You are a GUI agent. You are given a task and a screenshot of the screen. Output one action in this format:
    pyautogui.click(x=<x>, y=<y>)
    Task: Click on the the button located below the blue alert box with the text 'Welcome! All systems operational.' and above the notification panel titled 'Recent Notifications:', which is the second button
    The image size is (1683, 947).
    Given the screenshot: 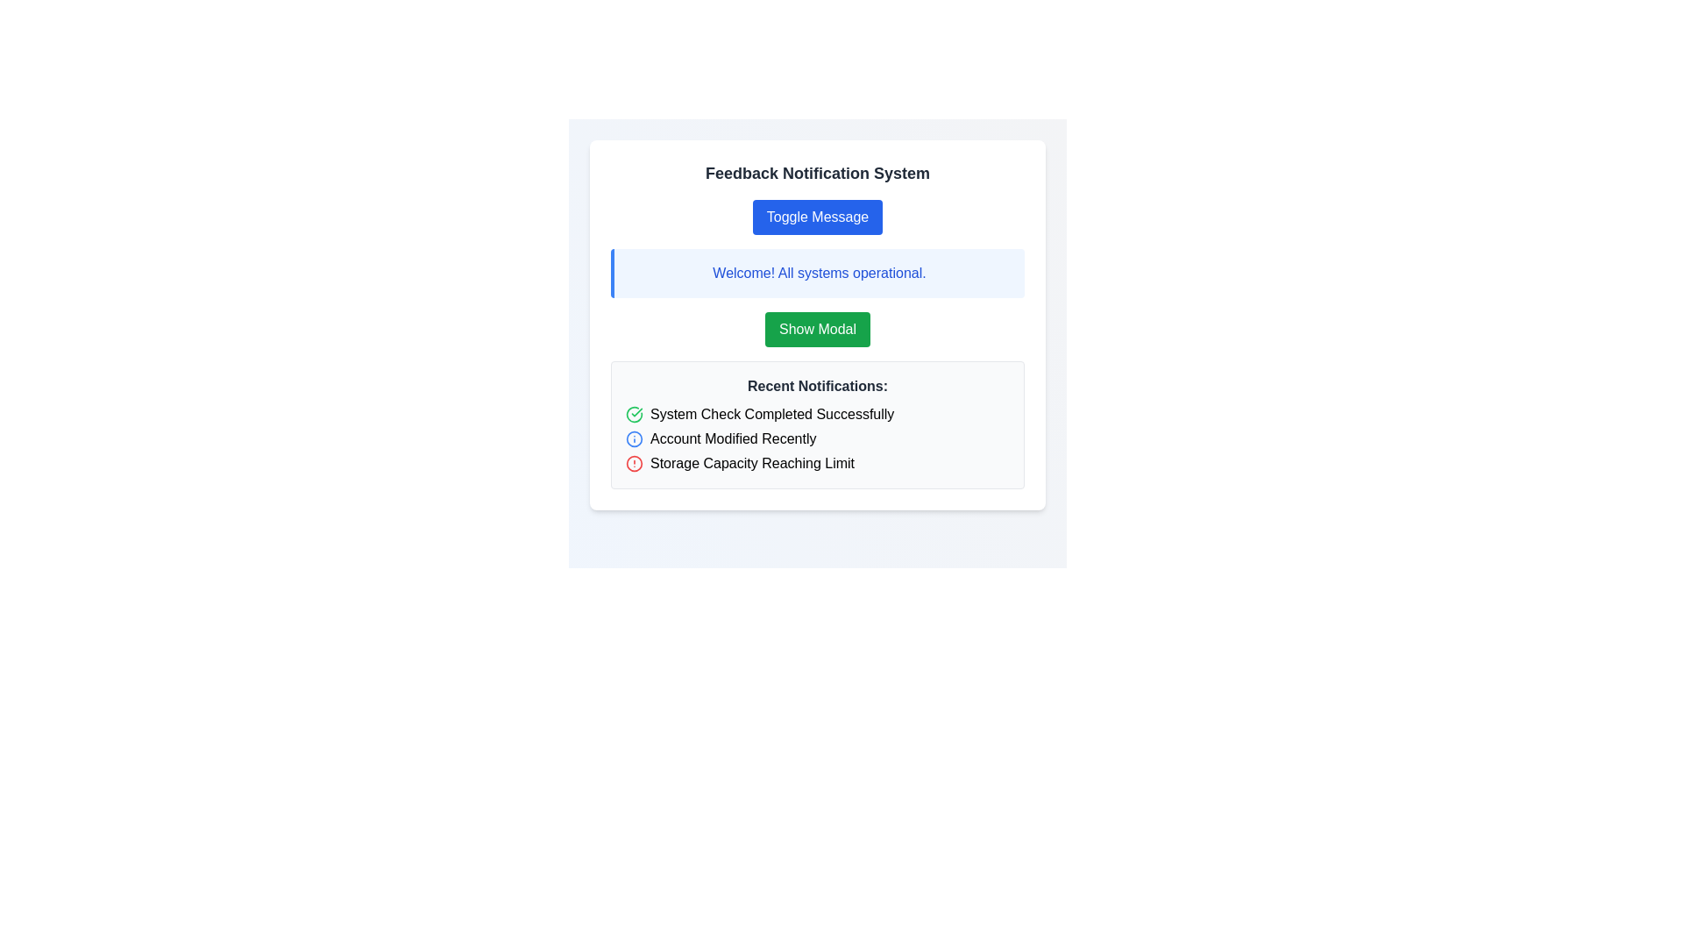 What is the action you would take?
    pyautogui.click(x=816, y=333)
    